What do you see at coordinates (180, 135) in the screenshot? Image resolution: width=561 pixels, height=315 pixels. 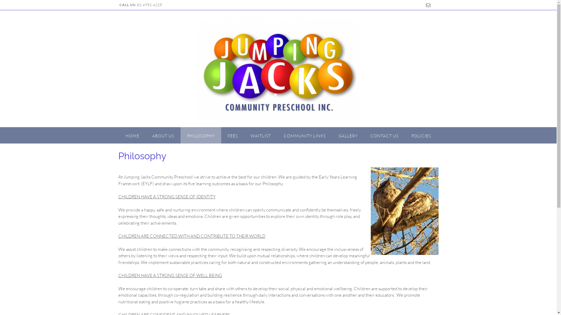 I see `'PHILOSOPHY'` at bounding box center [180, 135].